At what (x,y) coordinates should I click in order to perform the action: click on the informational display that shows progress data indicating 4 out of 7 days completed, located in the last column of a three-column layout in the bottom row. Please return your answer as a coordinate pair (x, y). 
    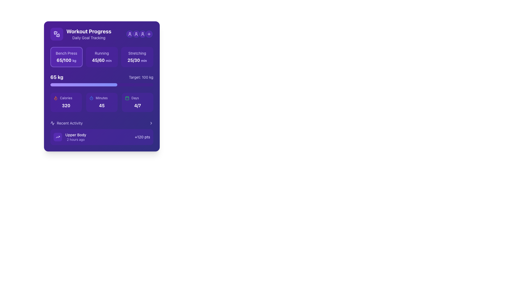
    Looking at the image, I should click on (137, 102).